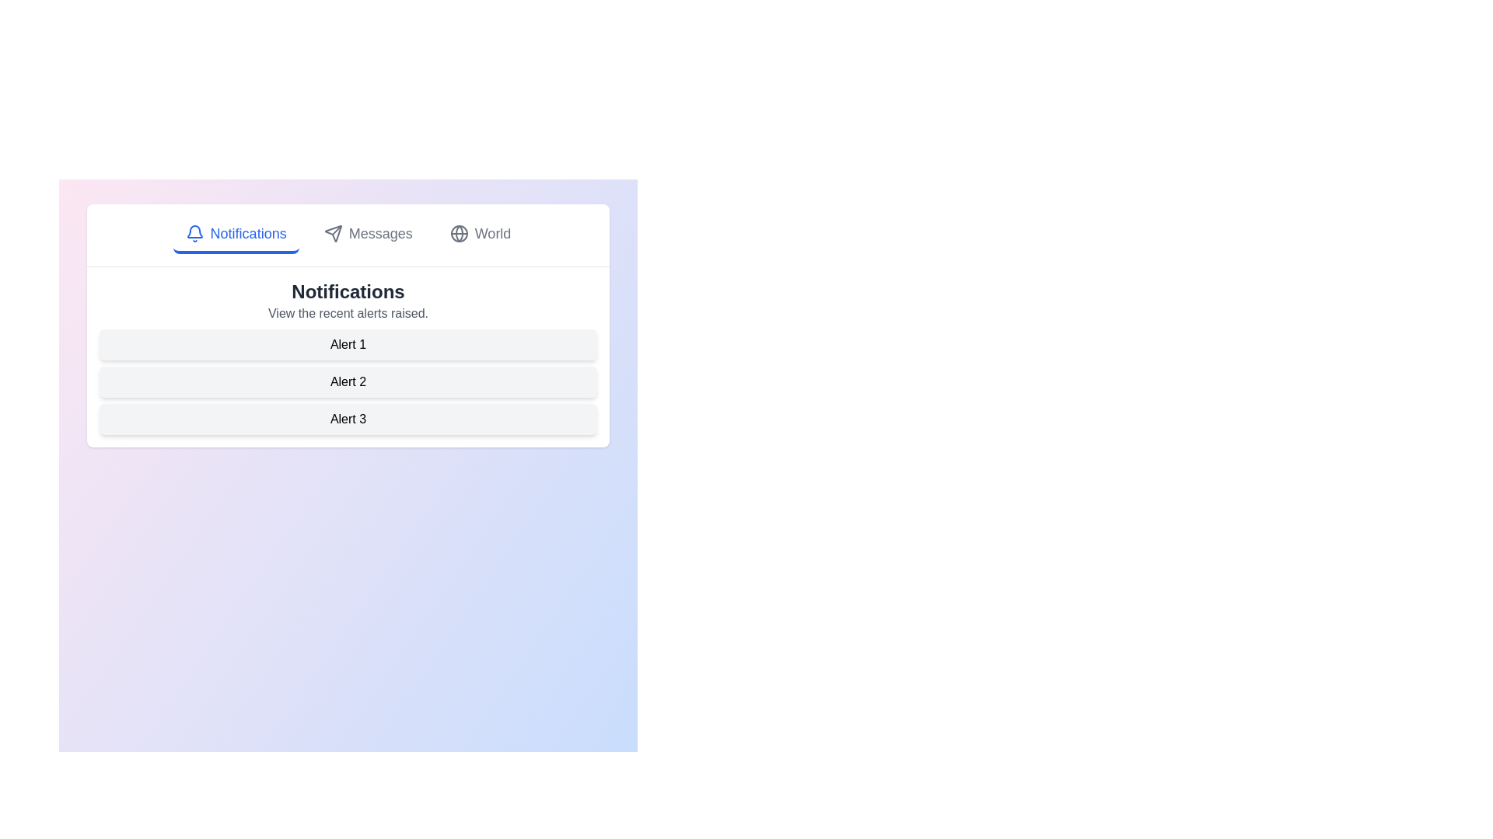 The height and width of the screenshot is (839, 1493). What do you see at coordinates (458, 233) in the screenshot?
I see `the icon associated with the tab World` at bounding box center [458, 233].